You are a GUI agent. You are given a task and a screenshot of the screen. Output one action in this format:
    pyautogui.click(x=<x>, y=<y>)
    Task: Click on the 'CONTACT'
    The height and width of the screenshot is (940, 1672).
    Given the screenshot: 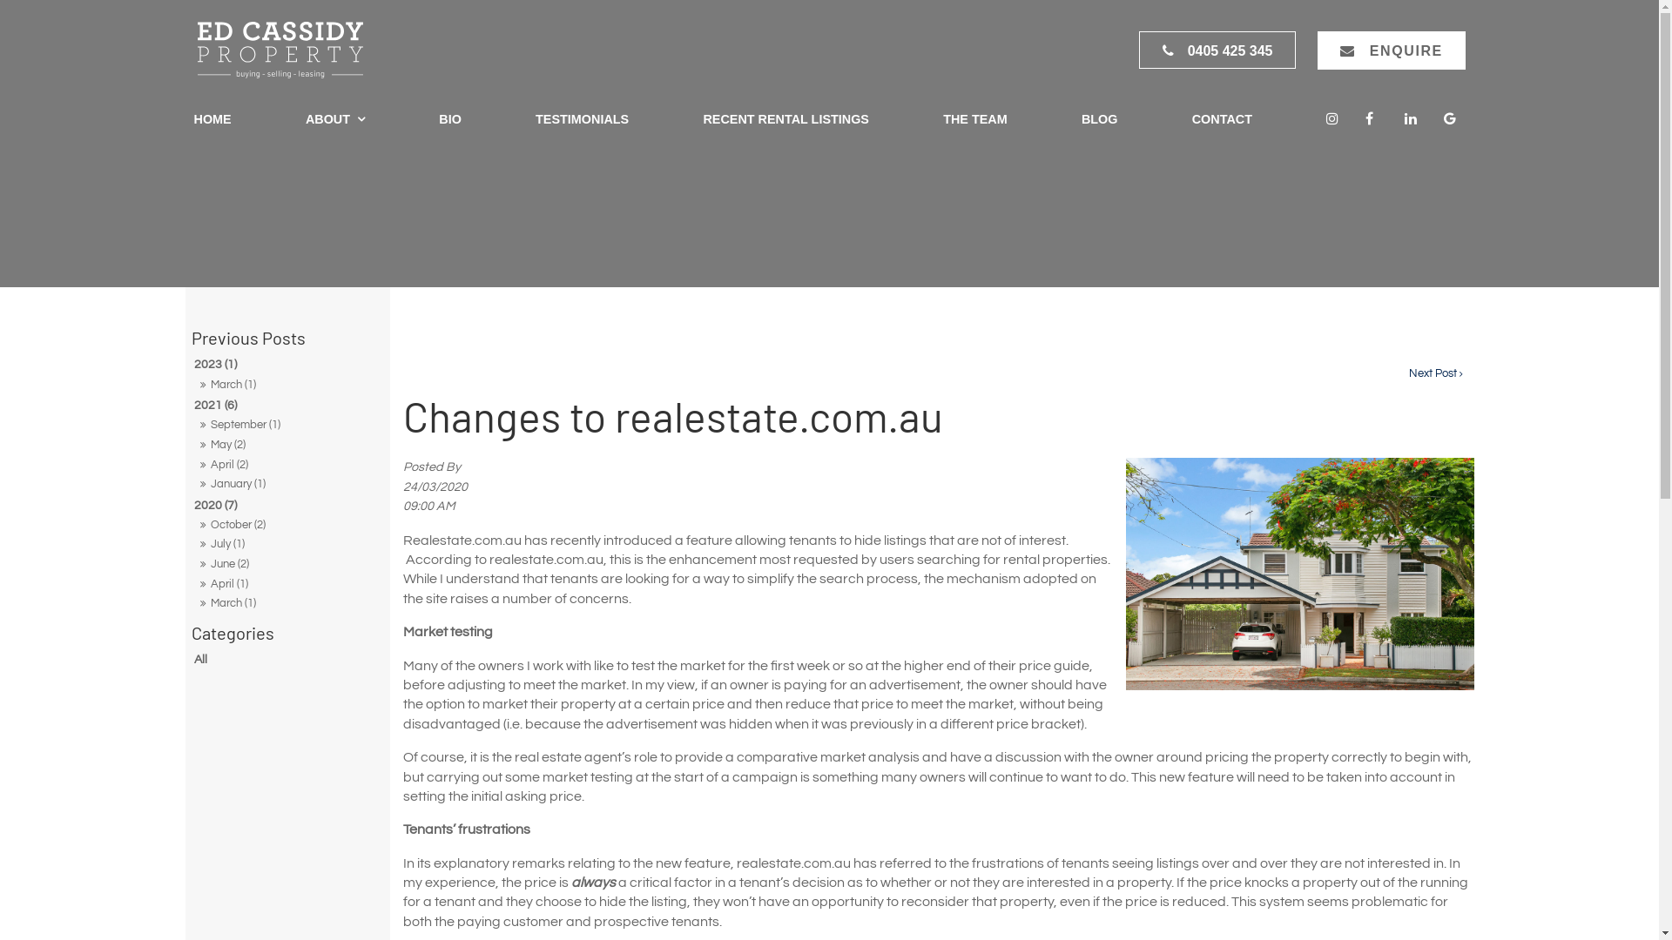 What is the action you would take?
    pyautogui.click(x=1221, y=119)
    